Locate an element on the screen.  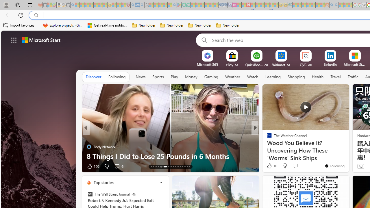
'AutomationID: tab-25' is located at coordinates (182, 167).